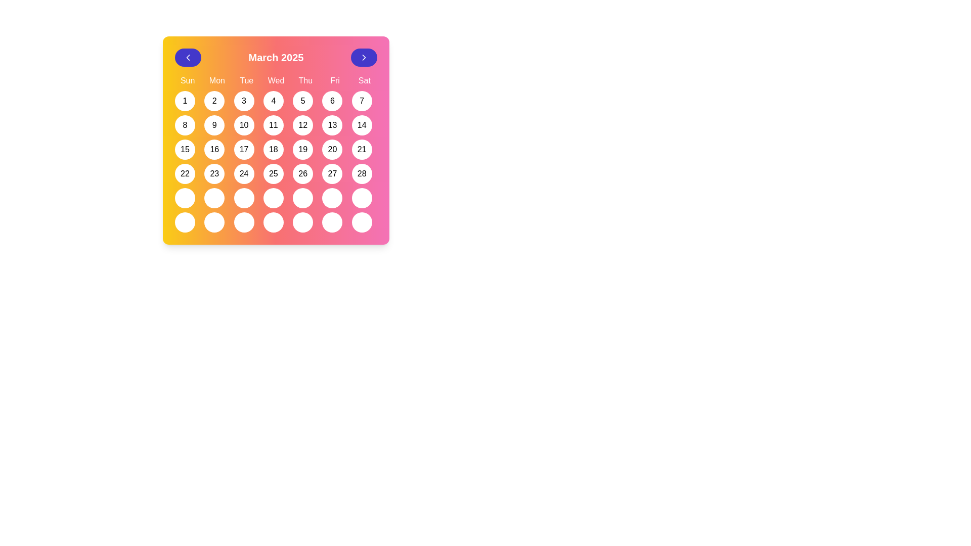 This screenshot has width=971, height=546. What do you see at coordinates (332, 150) in the screenshot?
I see `the circular button displaying the number '20' in the weekly calendar grid` at bounding box center [332, 150].